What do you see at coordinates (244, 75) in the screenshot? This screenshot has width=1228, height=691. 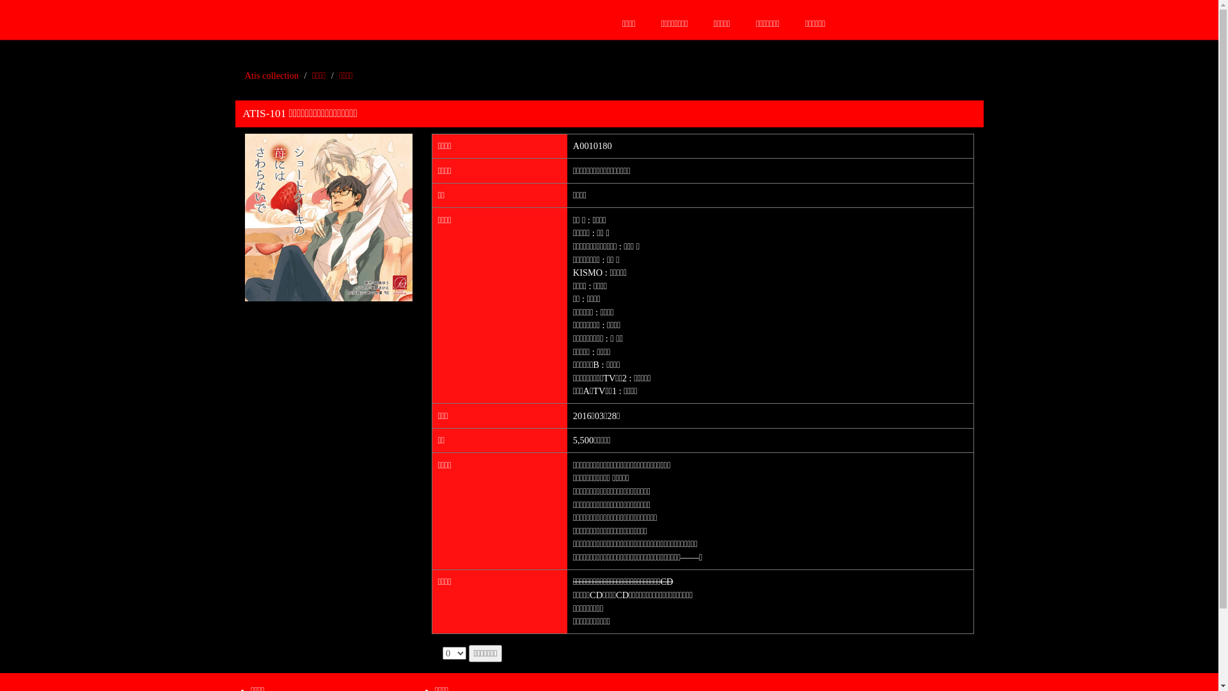 I see `'Atis collection'` at bounding box center [244, 75].